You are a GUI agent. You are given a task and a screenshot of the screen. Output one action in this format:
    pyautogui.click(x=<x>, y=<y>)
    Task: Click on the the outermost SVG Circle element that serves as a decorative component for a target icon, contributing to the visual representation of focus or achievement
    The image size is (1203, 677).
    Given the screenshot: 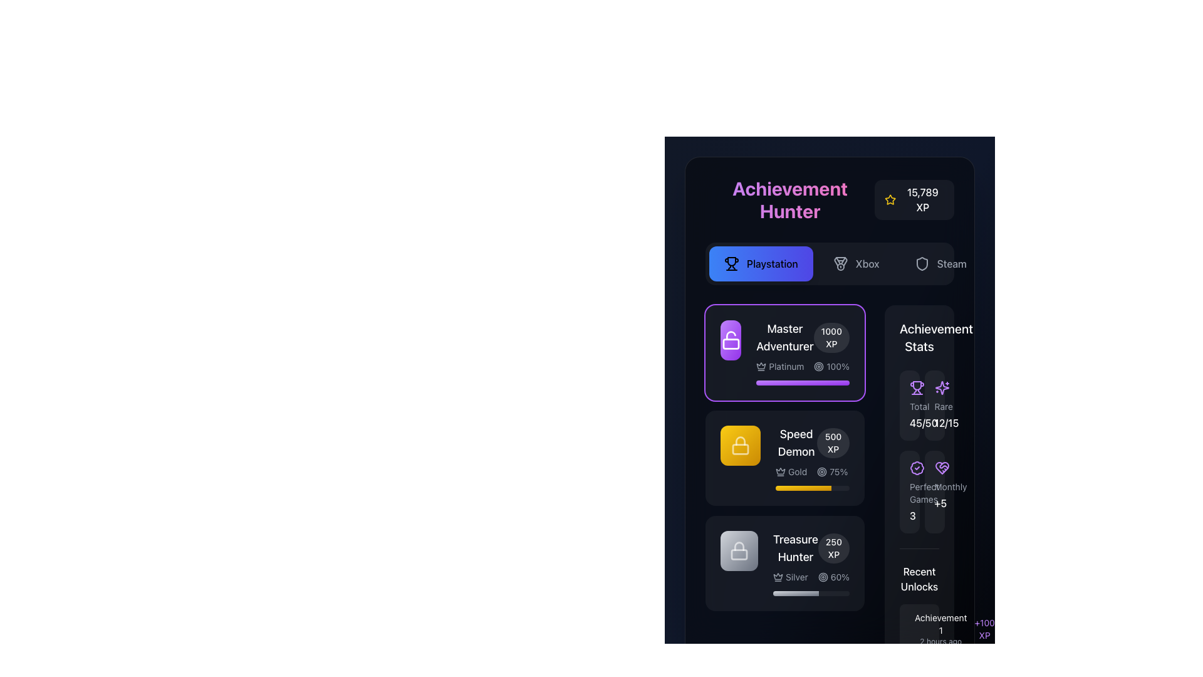 What is the action you would take?
    pyautogui.click(x=822, y=471)
    